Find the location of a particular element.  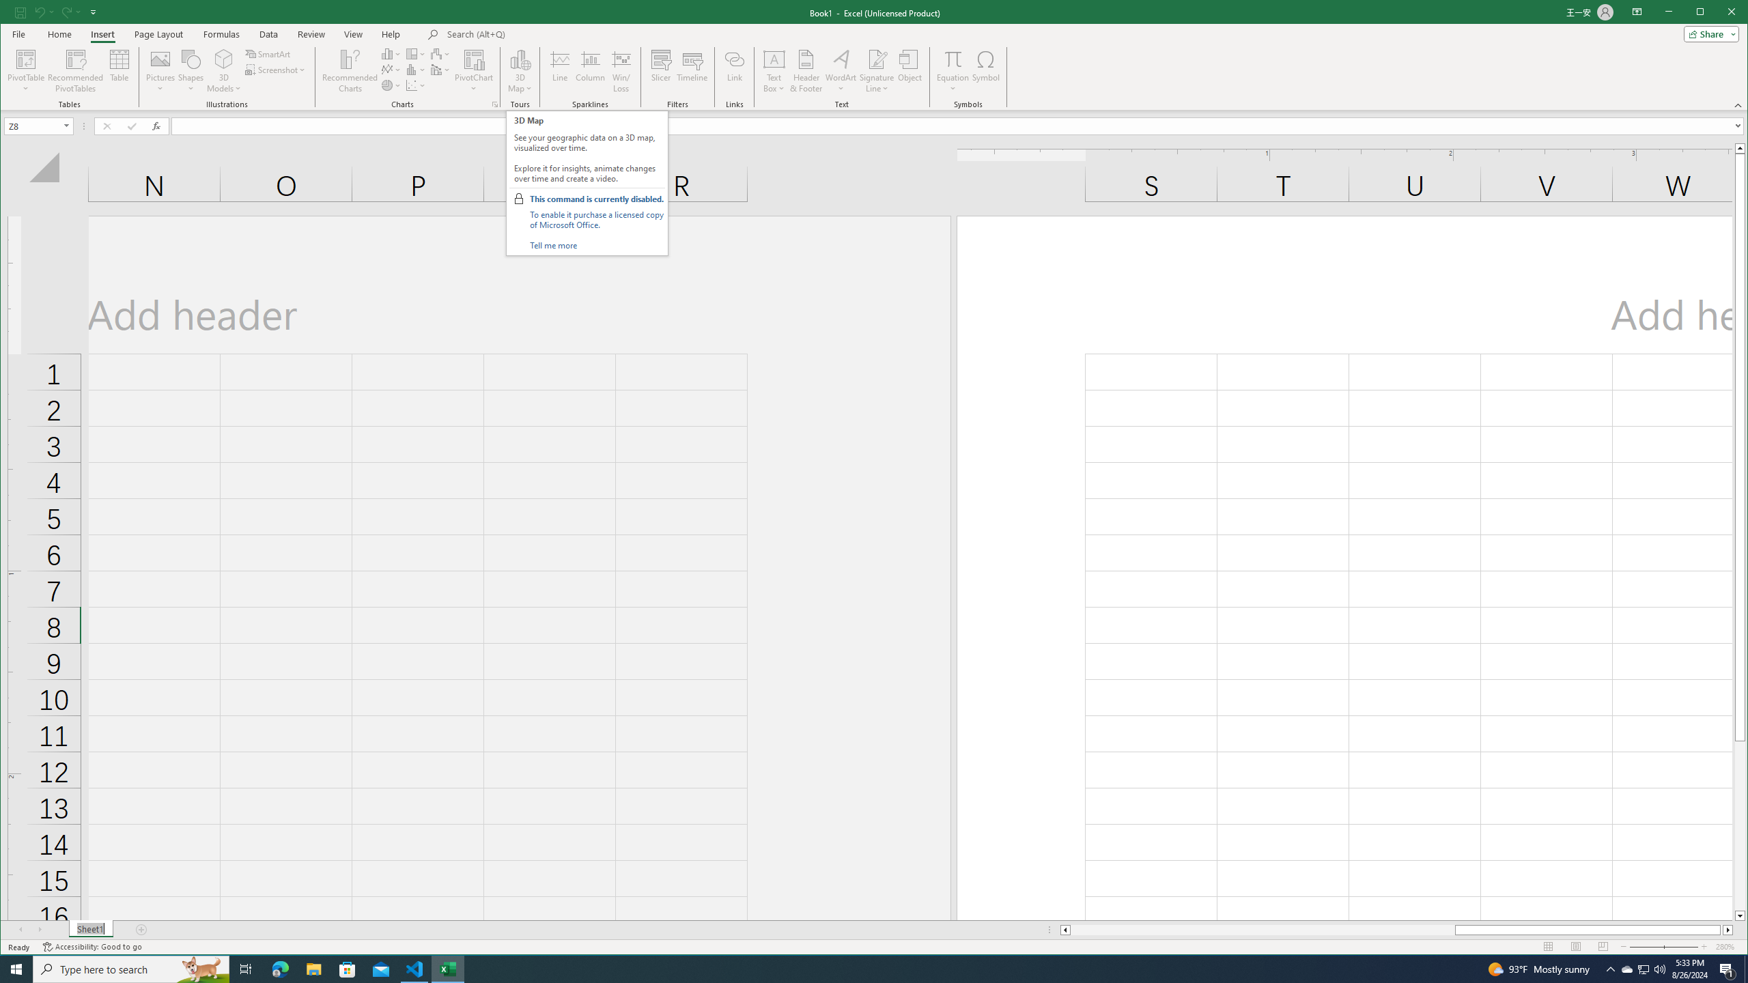

'Insert Column or Bar Chart' is located at coordinates (391, 53).